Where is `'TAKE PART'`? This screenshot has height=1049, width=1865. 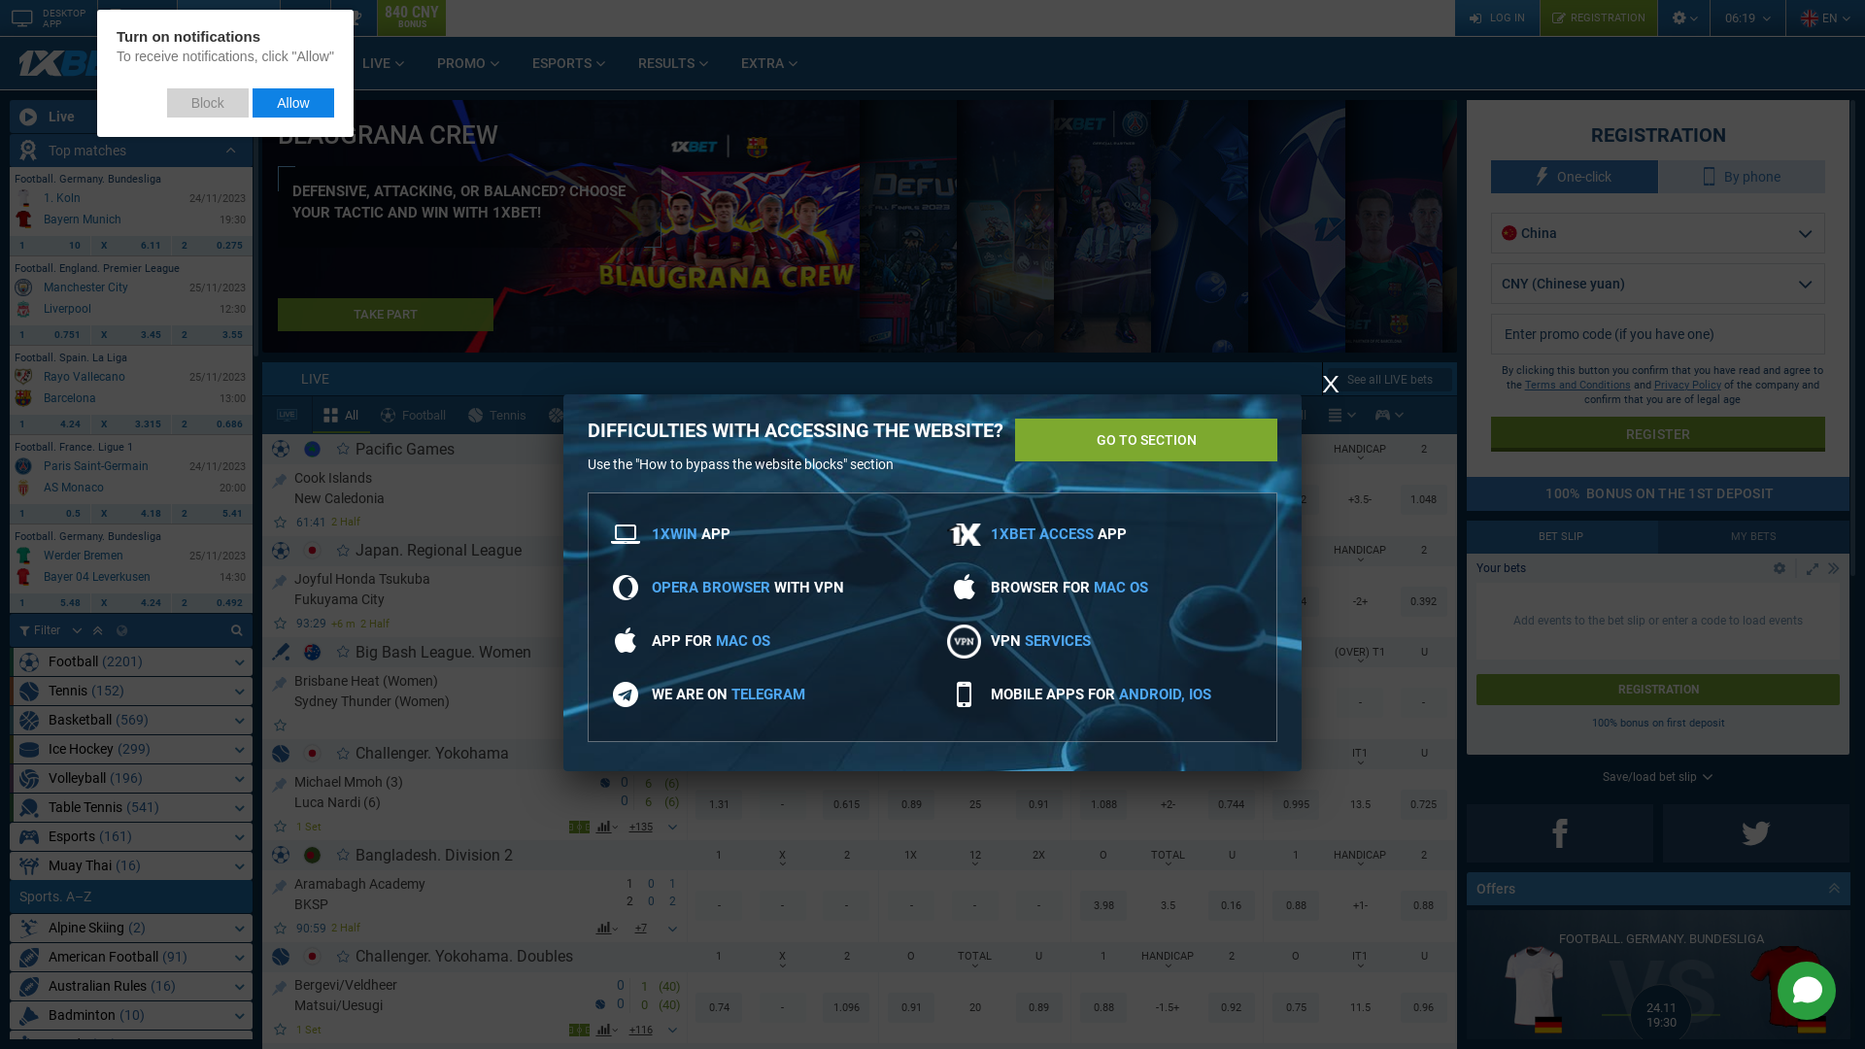 'TAKE PART' is located at coordinates (386, 314).